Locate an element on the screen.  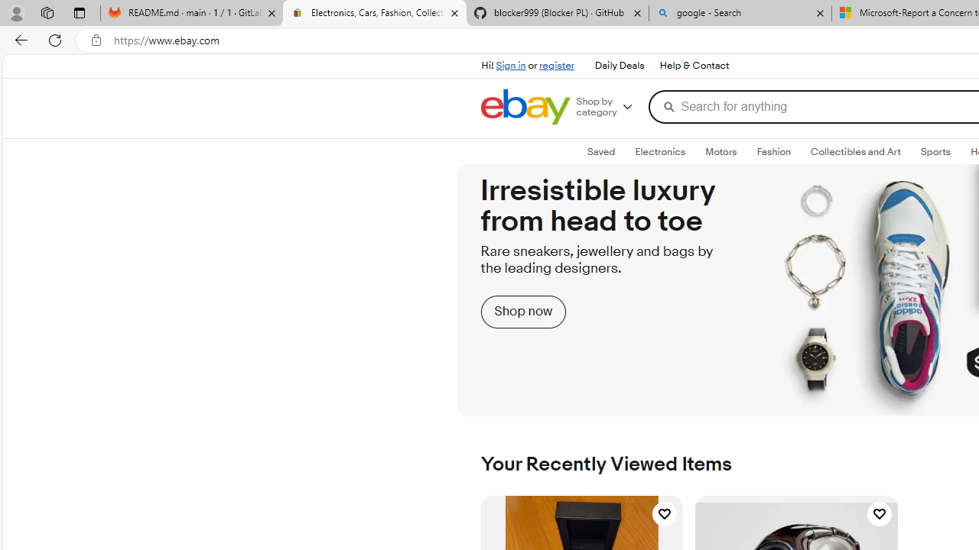
'Collectibles and Art' is located at coordinates (854, 152).